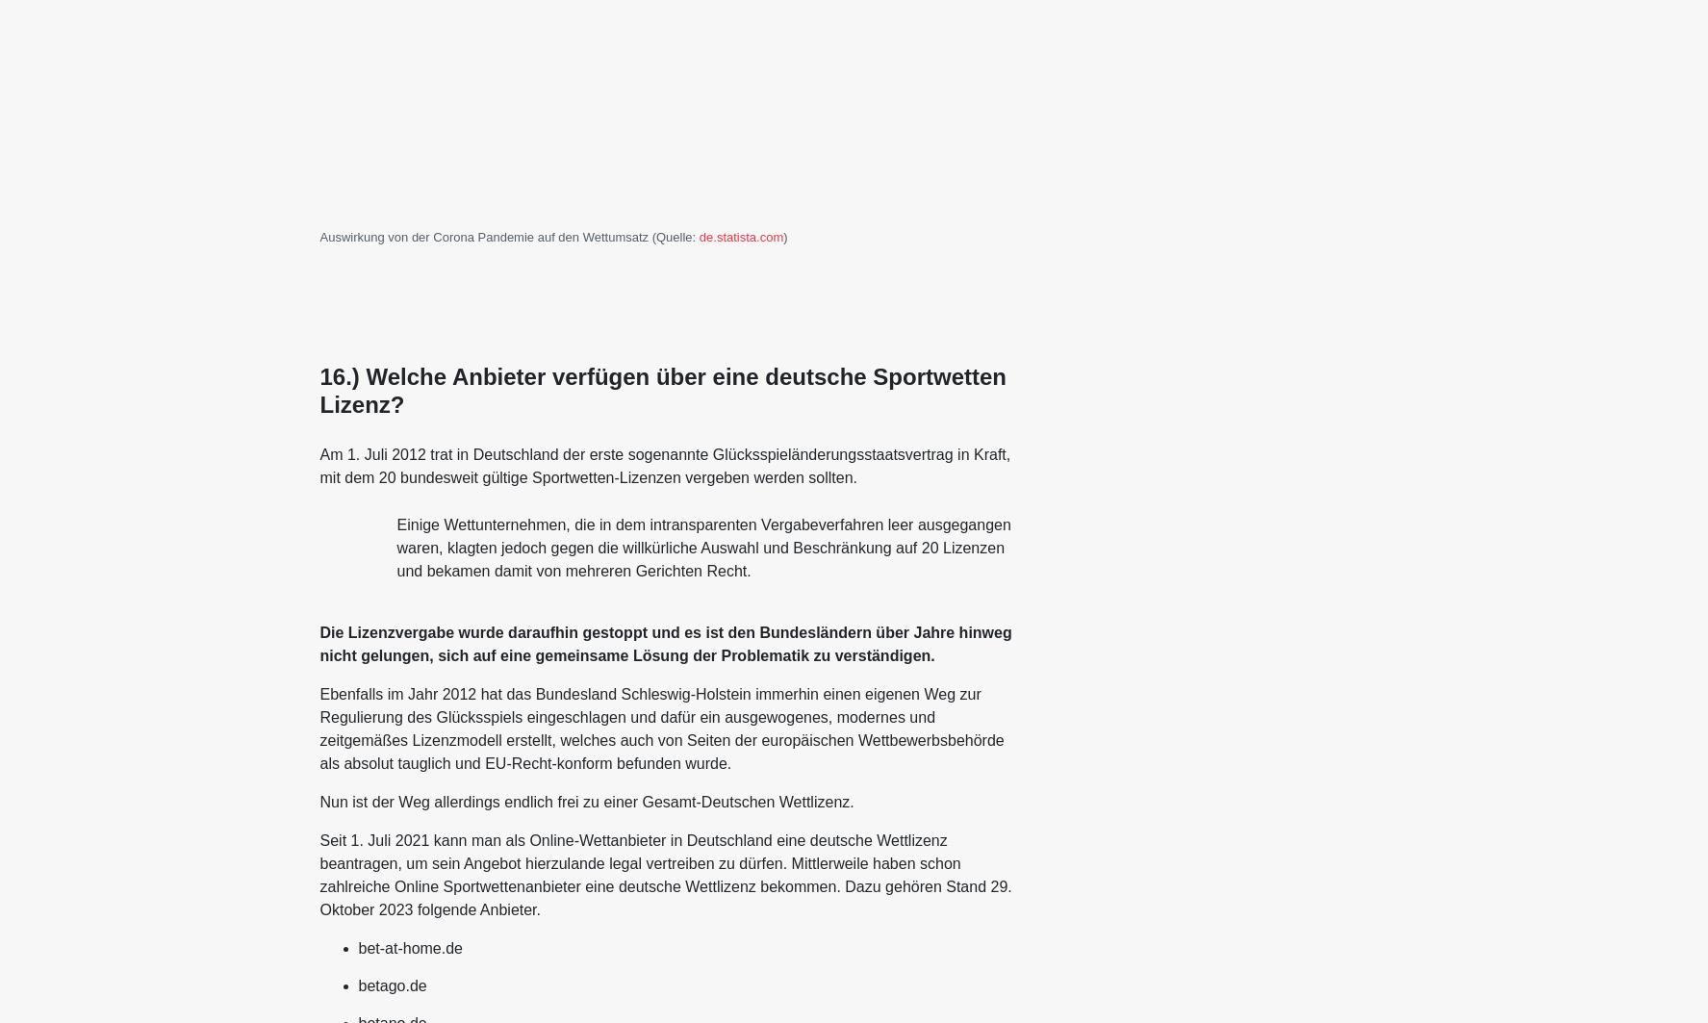 The height and width of the screenshot is (1023, 1708). What do you see at coordinates (664, 873) in the screenshot?
I see `'Seit 1. Juli 2021 kann man als Online-Wettanbieter in Deutschland eine deutsche Wettlizenz beantragen, um sein Angebot hierzulande legal vertreiben zu dürfen. Mittlerweile haben schon zahlreiche Online Sportwettenanbieter eine deutsche Wettlizenz bekommen. Dazu gehören Stand 29. Oktober 2023 folgende Anbieter.'` at bounding box center [664, 873].